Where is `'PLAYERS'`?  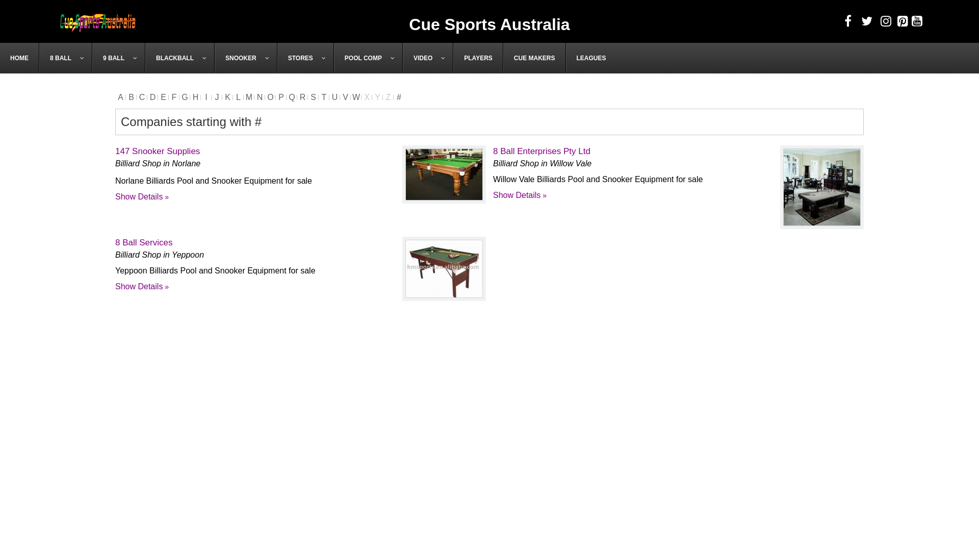
'PLAYERS' is located at coordinates (477, 58).